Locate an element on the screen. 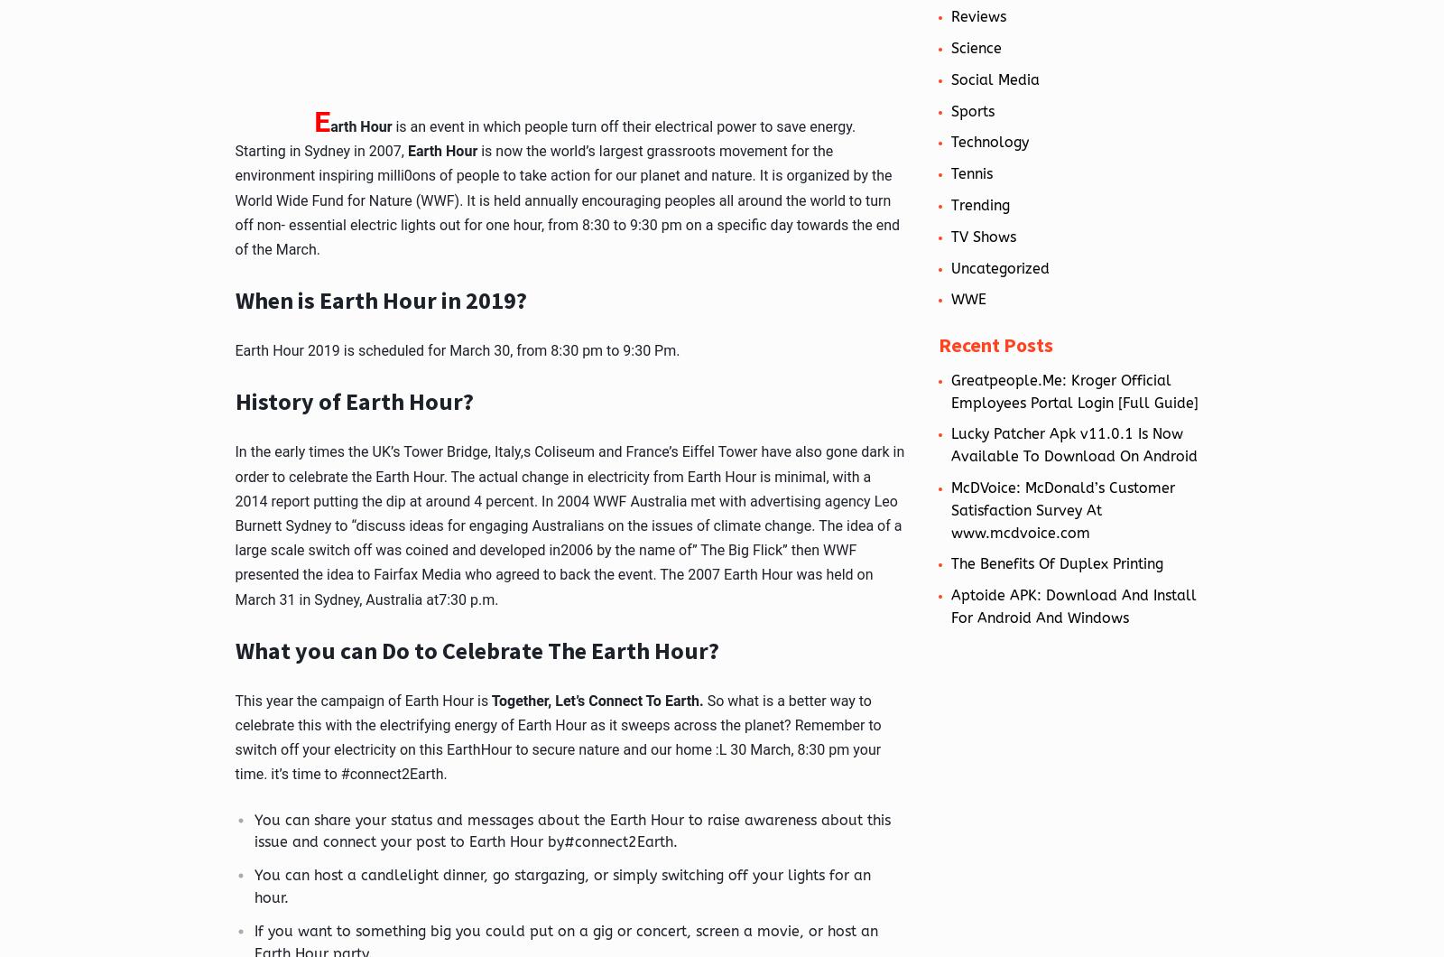 This screenshot has width=1444, height=957. 'E' is located at coordinates (321, 119).